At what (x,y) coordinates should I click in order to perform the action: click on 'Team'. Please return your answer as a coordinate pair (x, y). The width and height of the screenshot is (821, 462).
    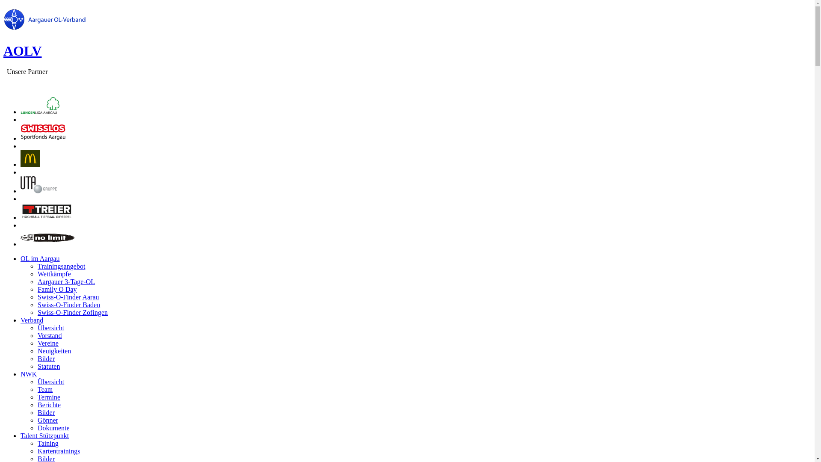
    Looking at the image, I should click on (37, 389).